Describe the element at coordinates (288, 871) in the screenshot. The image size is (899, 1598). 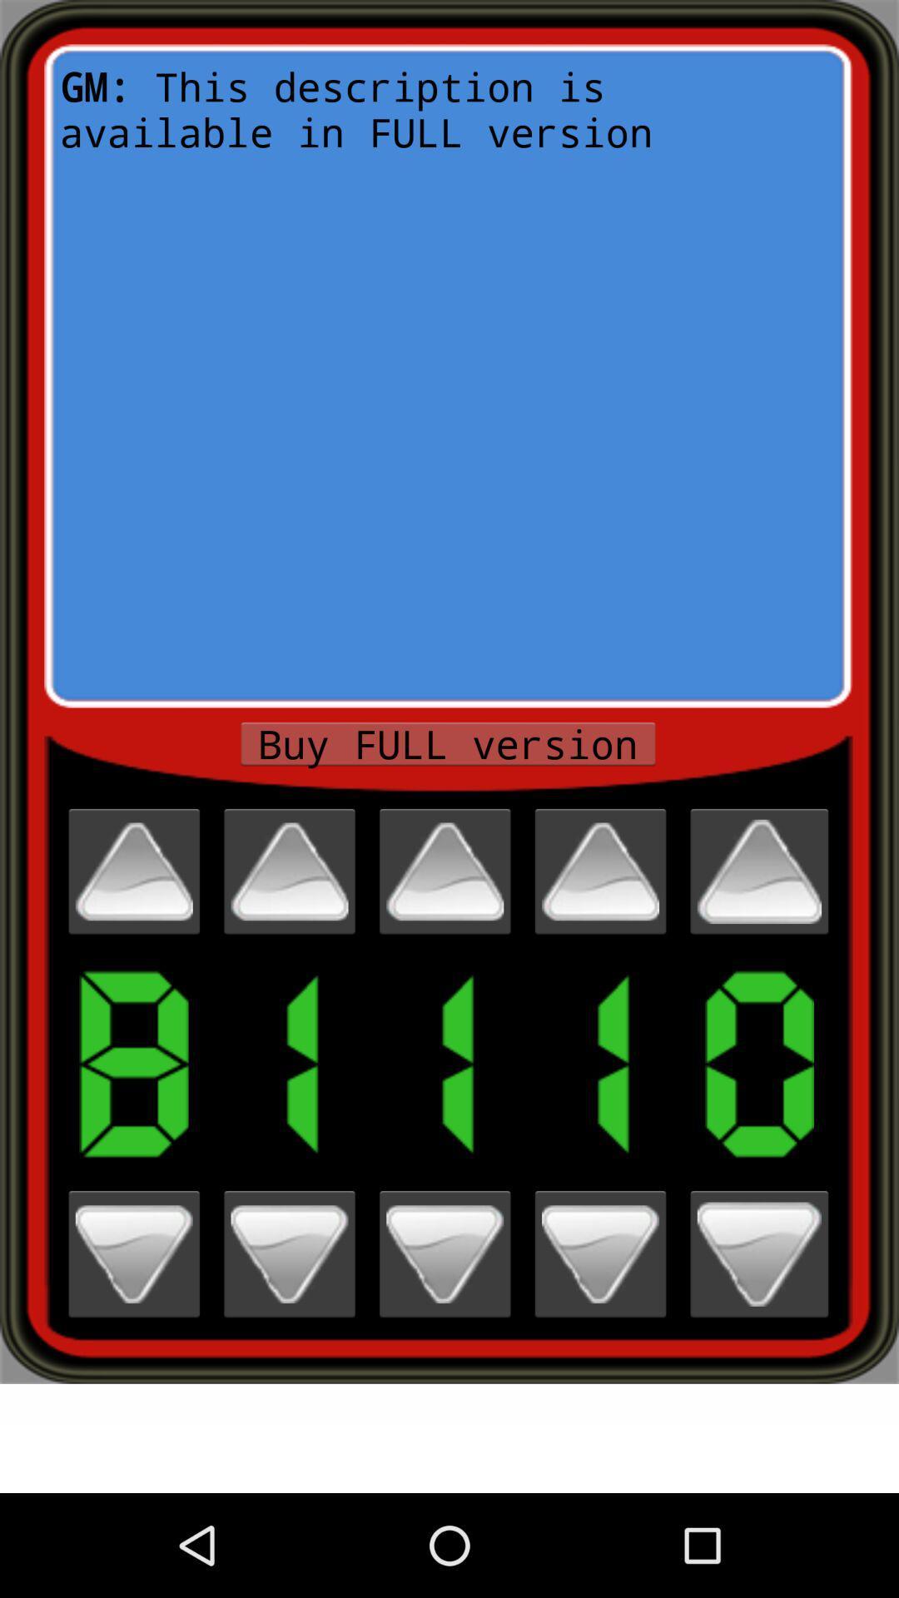
I see `increase counter` at that location.